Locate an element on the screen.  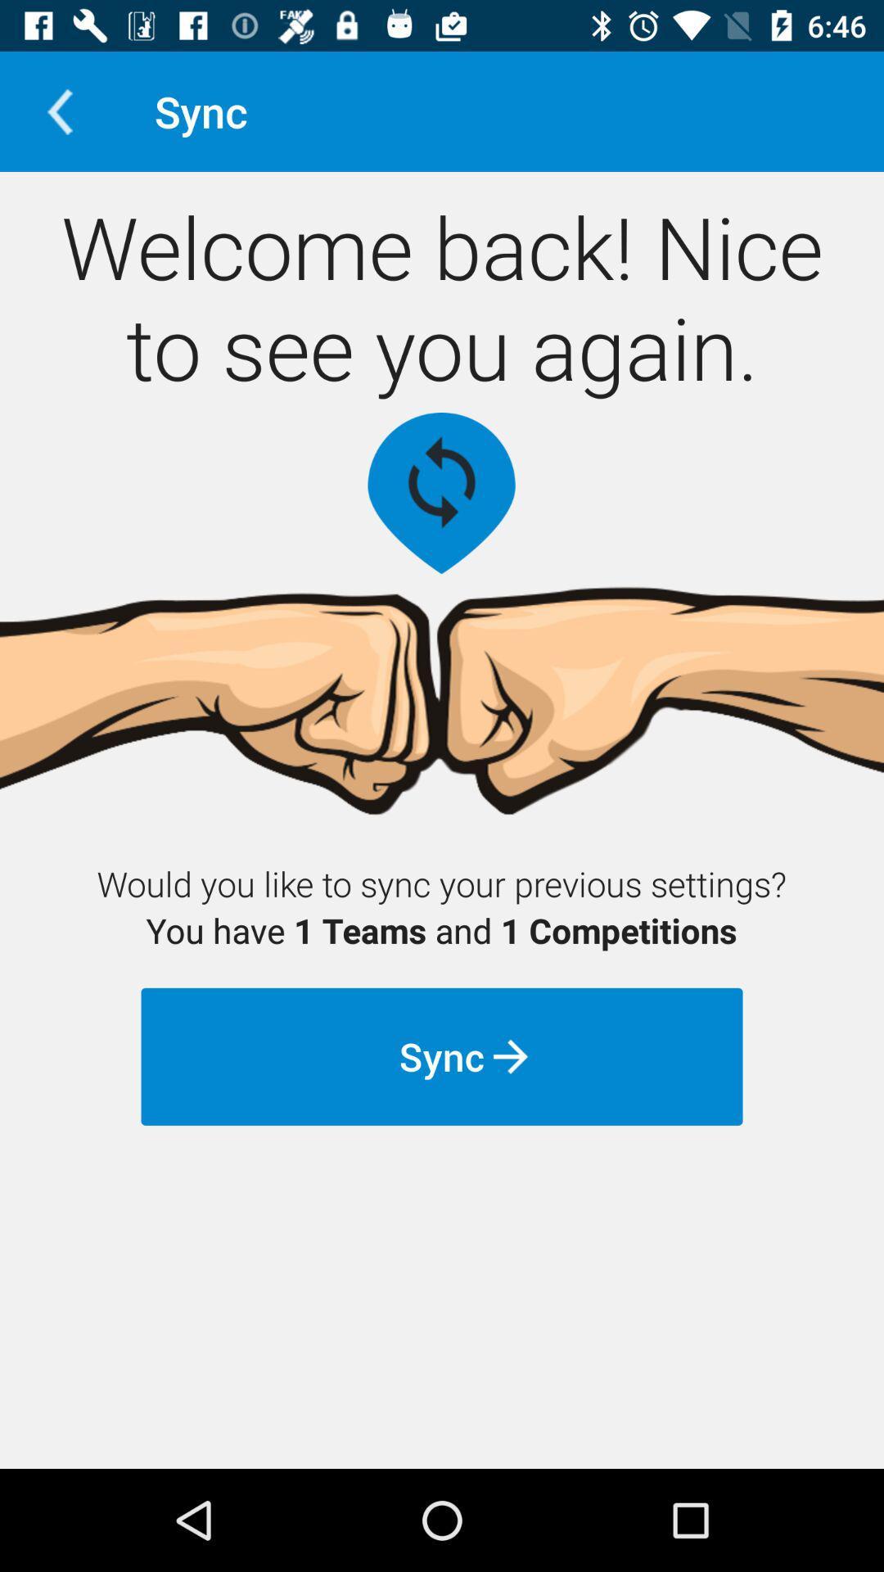
the item next to sync icon is located at coordinates (59, 111).